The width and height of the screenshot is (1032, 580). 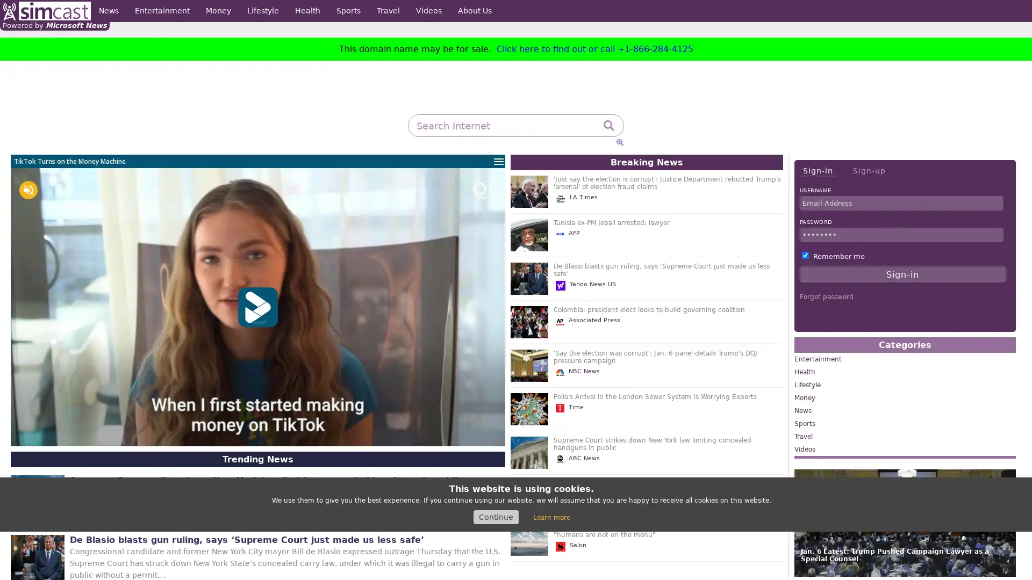 I want to click on Sign-in, so click(x=817, y=170).